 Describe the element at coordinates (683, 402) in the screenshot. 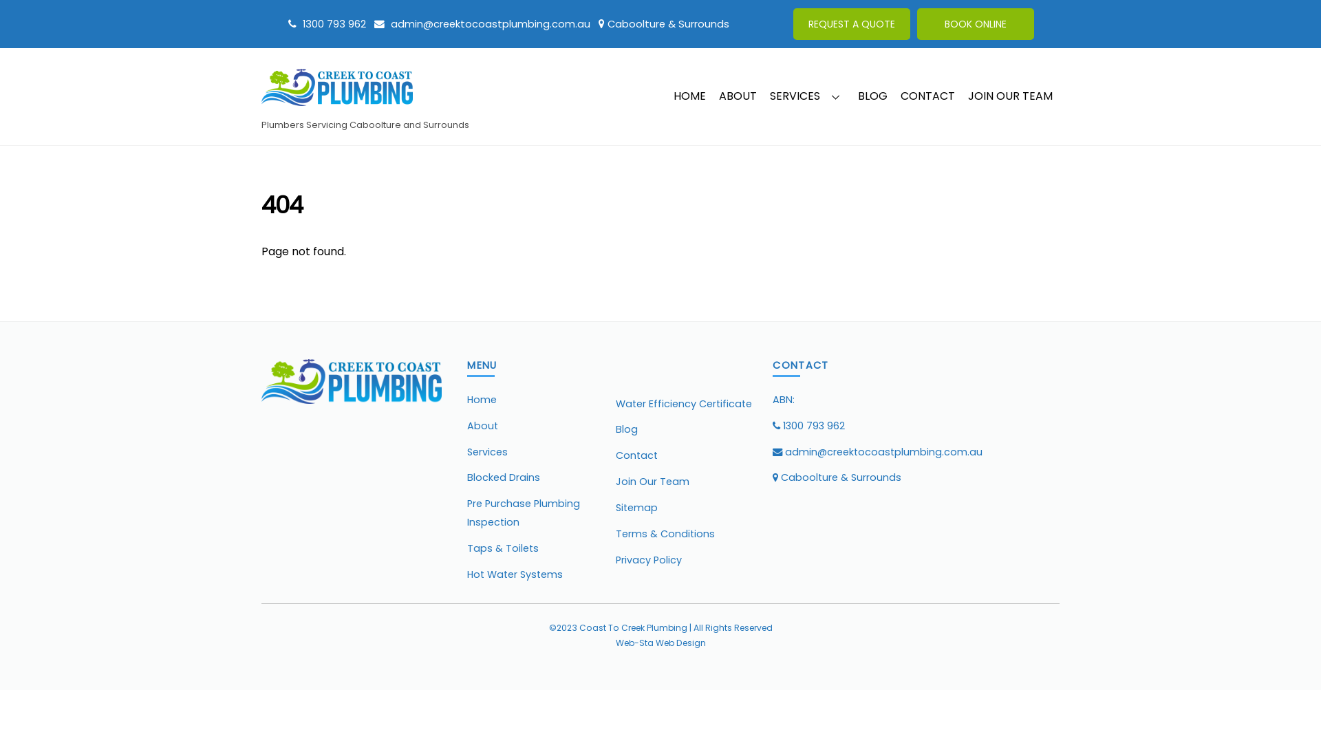

I see `'Water Efficiency Certificate'` at that location.